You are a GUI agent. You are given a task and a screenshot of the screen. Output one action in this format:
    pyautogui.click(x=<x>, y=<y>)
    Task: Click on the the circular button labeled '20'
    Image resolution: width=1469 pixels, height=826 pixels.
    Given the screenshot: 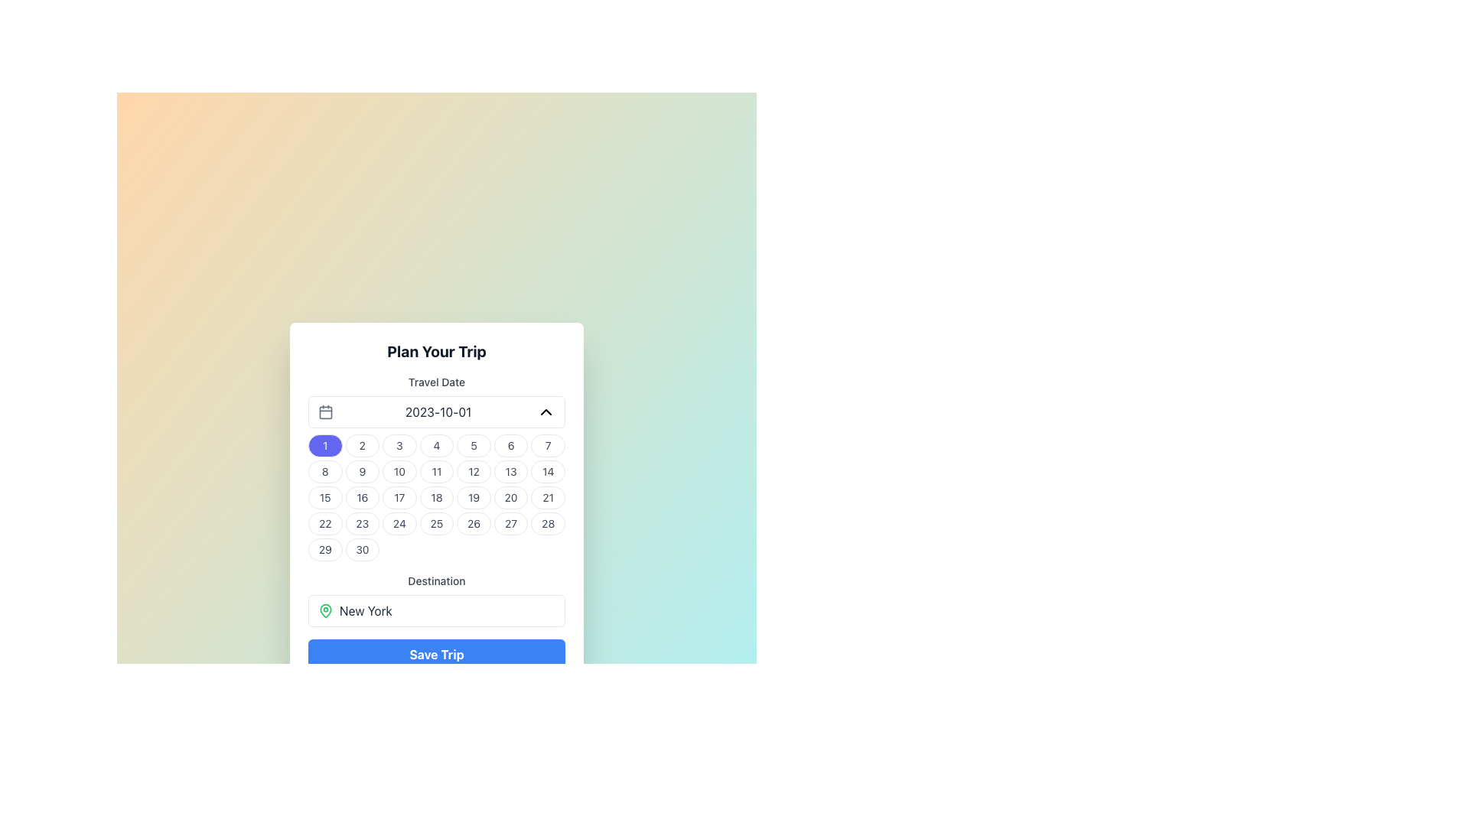 What is the action you would take?
    pyautogui.click(x=510, y=498)
    